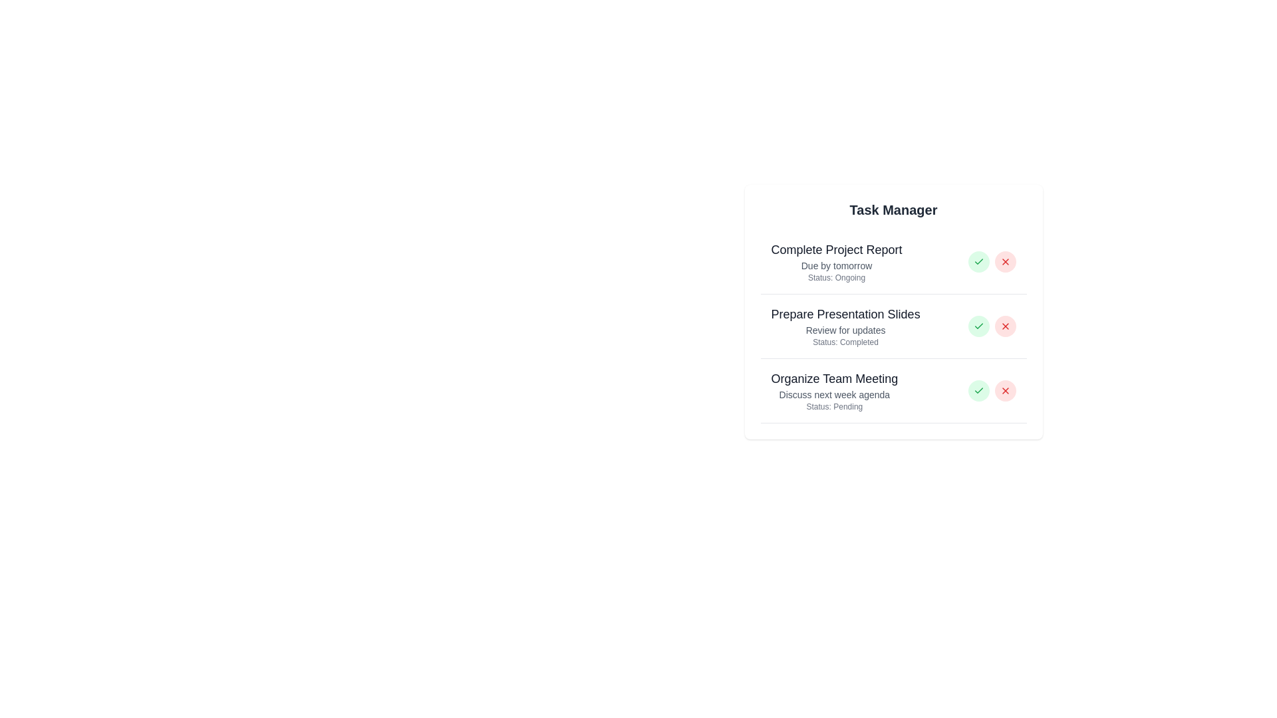 The height and width of the screenshot is (718, 1277). Describe the element at coordinates (992, 390) in the screenshot. I see `the red cross icon in the Action Buttons Group at the bottom of the 'Organize Team Meeting' task card to discard the task` at that location.